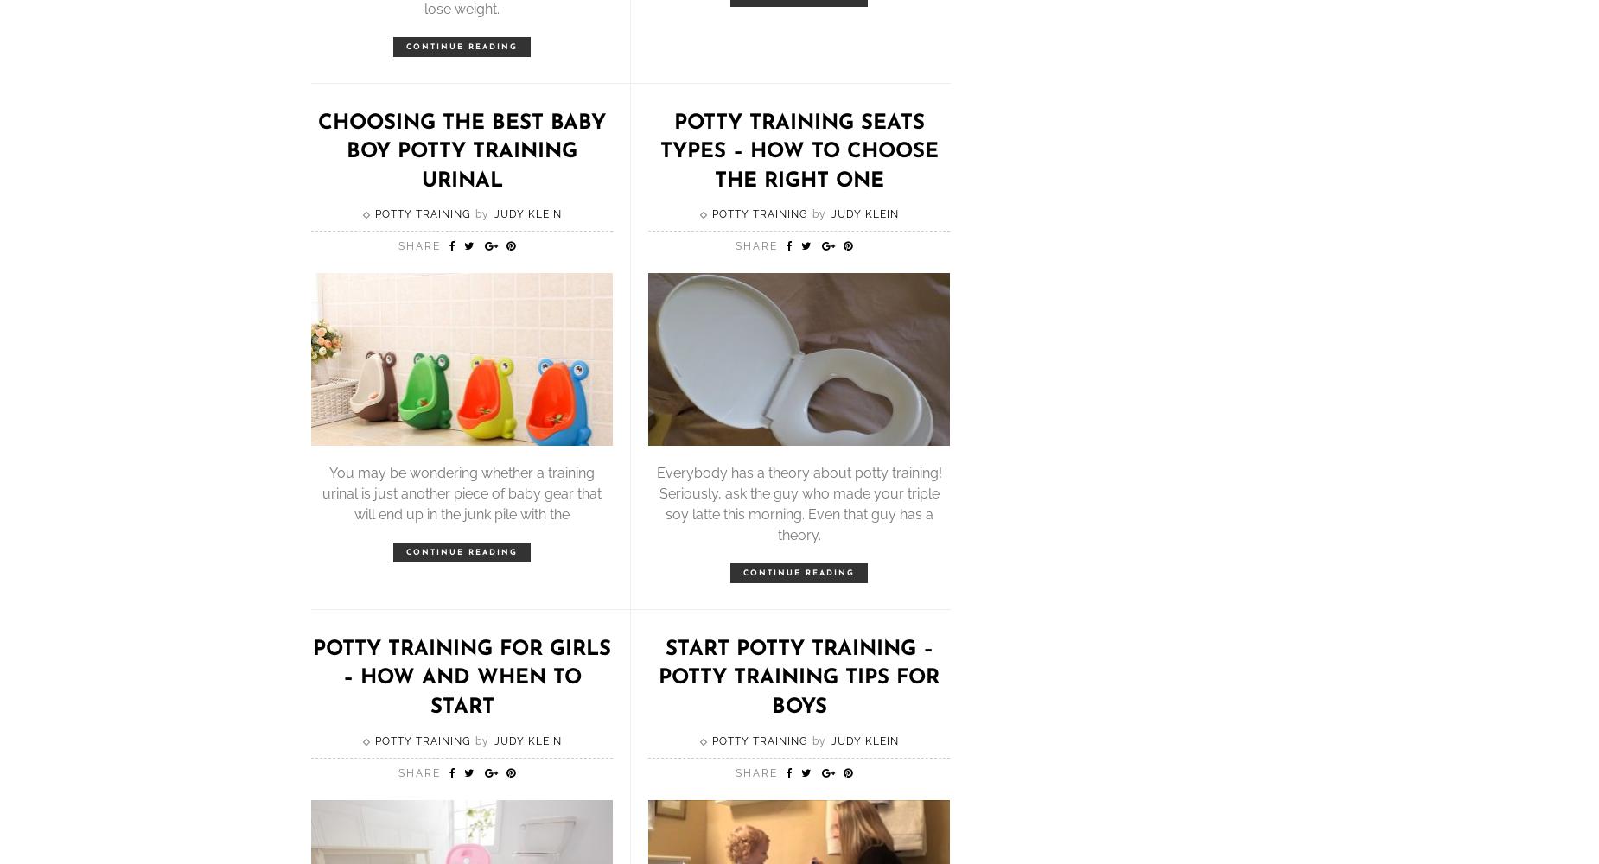 Image resolution: width=1599 pixels, height=864 pixels. Describe the element at coordinates (312, 677) in the screenshot. I see `'Potty Training for Girls – How and When to Start'` at that location.